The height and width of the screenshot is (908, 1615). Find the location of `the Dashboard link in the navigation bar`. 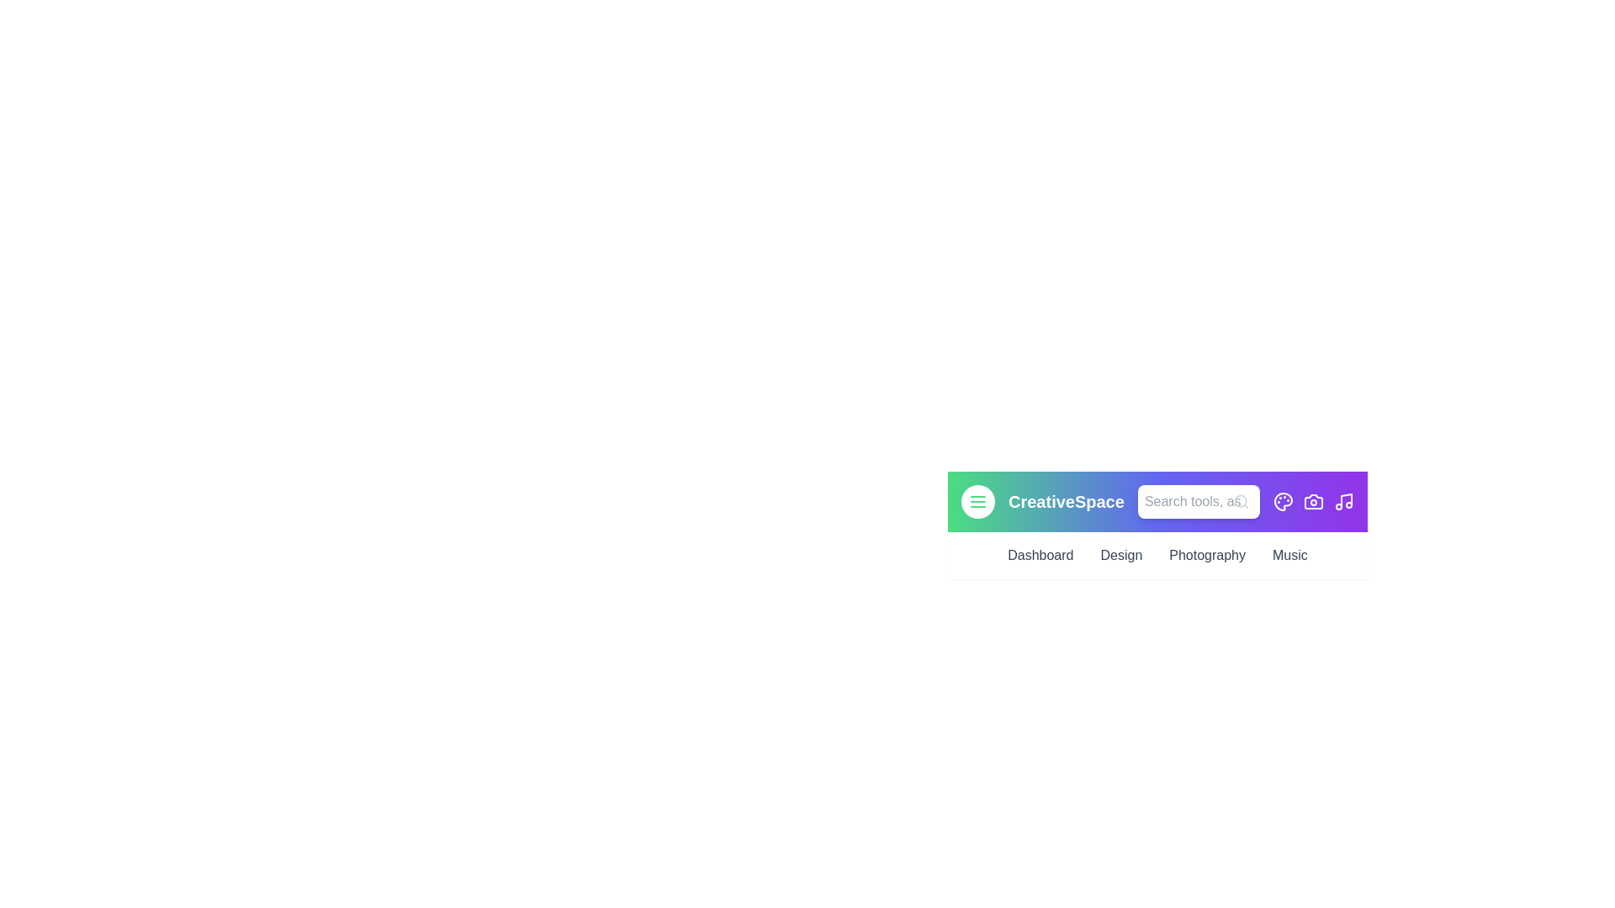

the Dashboard link in the navigation bar is located at coordinates (1040, 555).